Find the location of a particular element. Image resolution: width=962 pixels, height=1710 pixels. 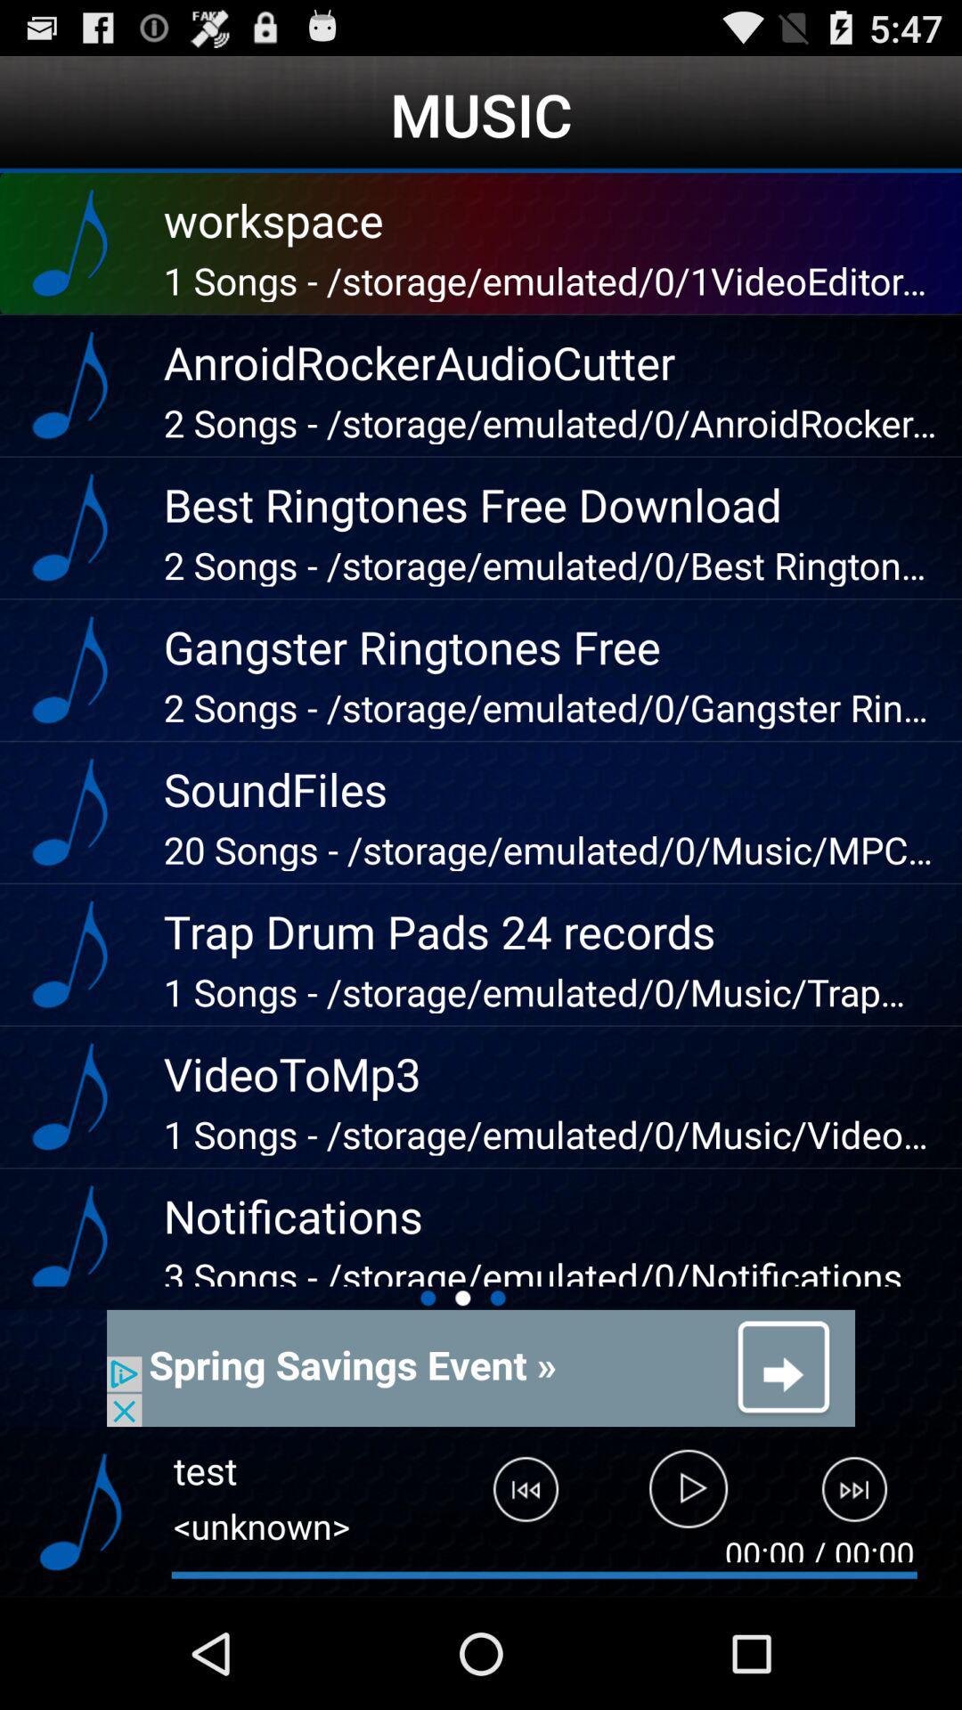

song is located at coordinates (688, 1496).